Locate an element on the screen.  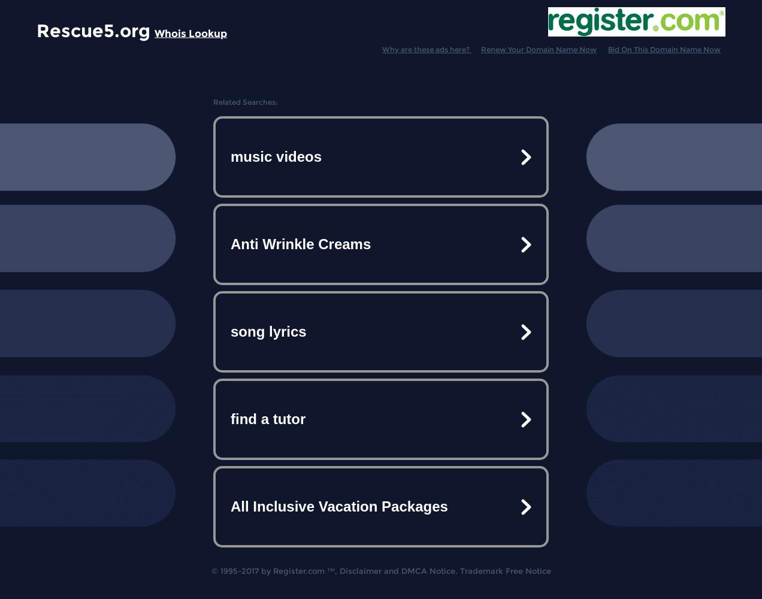
'Anti Wrinkle Creams' is located at coordinates (231, 244).